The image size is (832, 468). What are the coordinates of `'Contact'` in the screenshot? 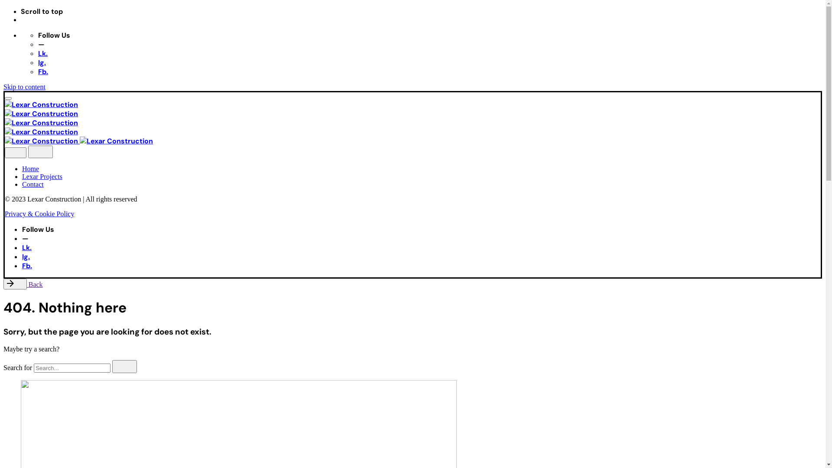 It's located at (33, 184).